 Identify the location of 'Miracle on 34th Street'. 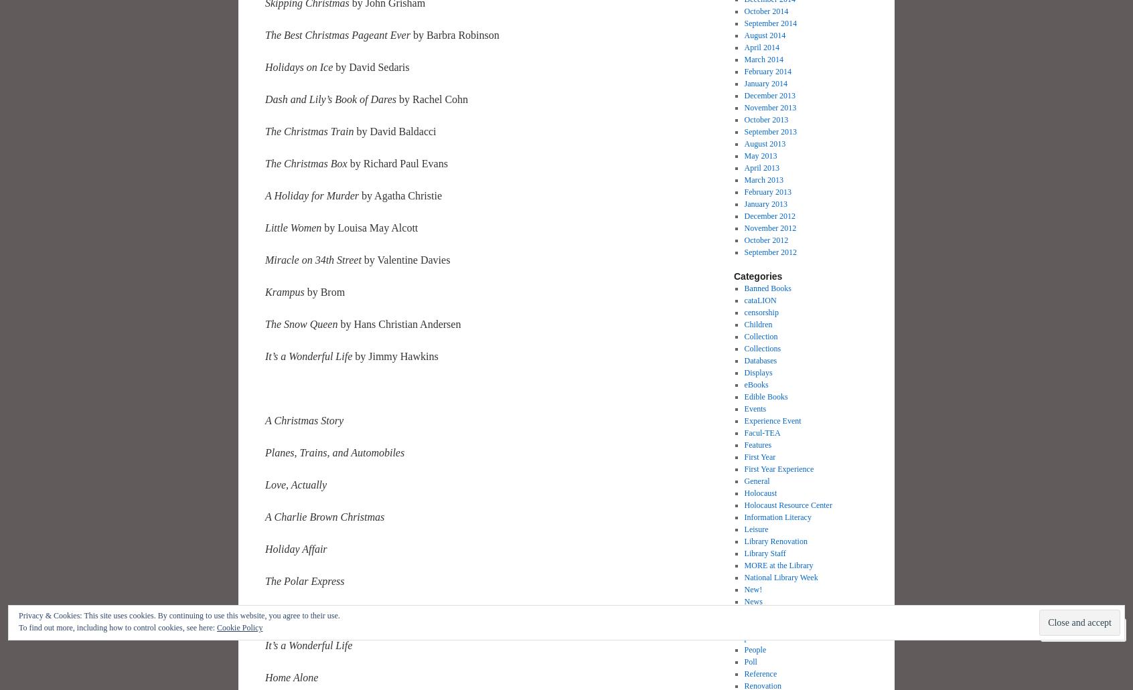
(312, 259).